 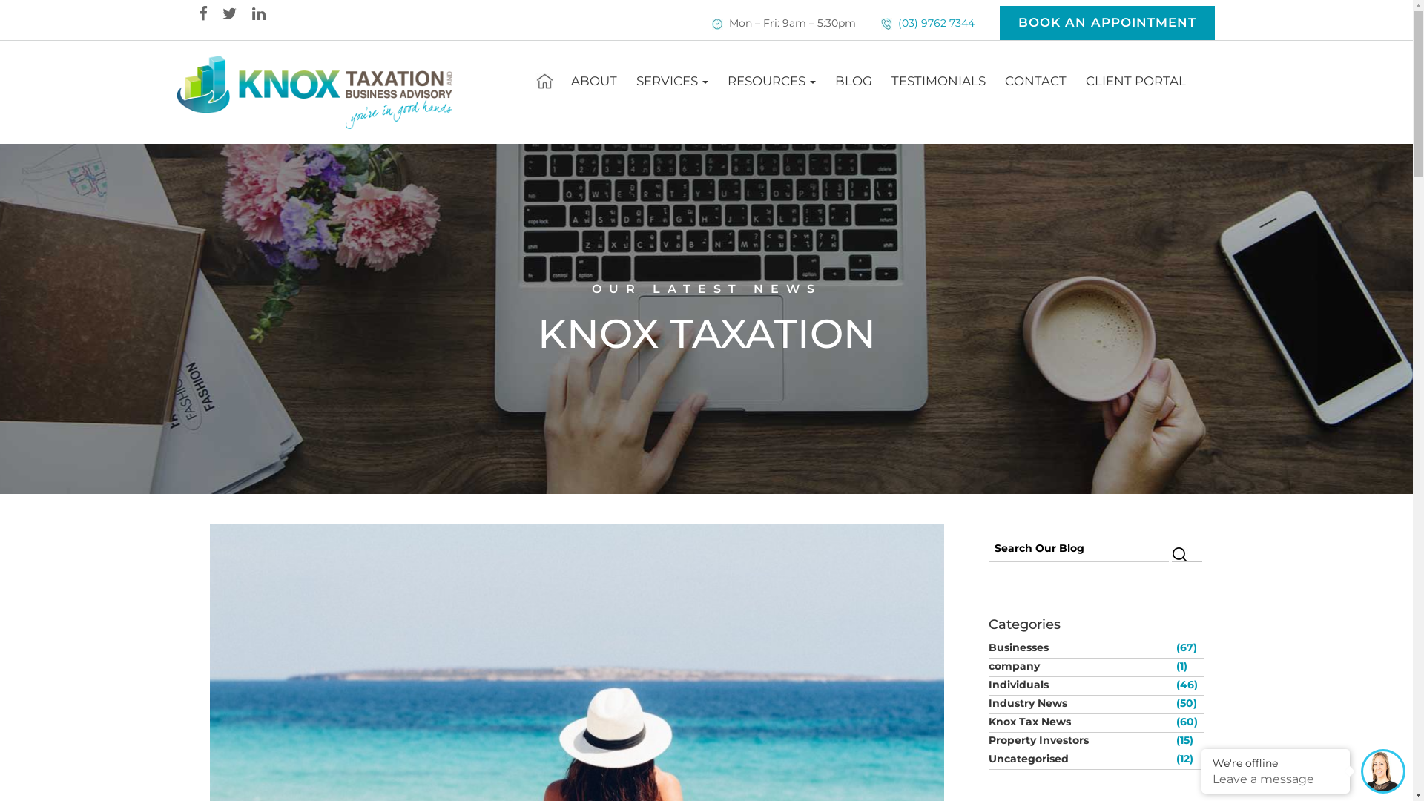 What do you see at coordinates (882, 80) in the screenshot?
I see `'TESTIMONIALS'` at bounding box center [882, 80].